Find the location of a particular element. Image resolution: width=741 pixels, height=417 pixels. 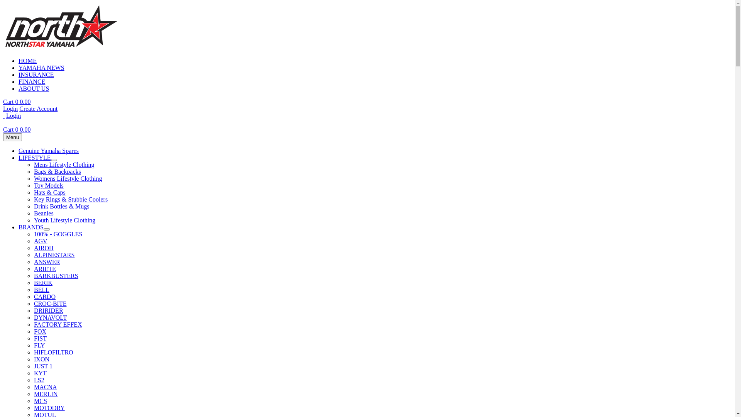

'BARKBUSTERS' is located at coordinates (56, 275).